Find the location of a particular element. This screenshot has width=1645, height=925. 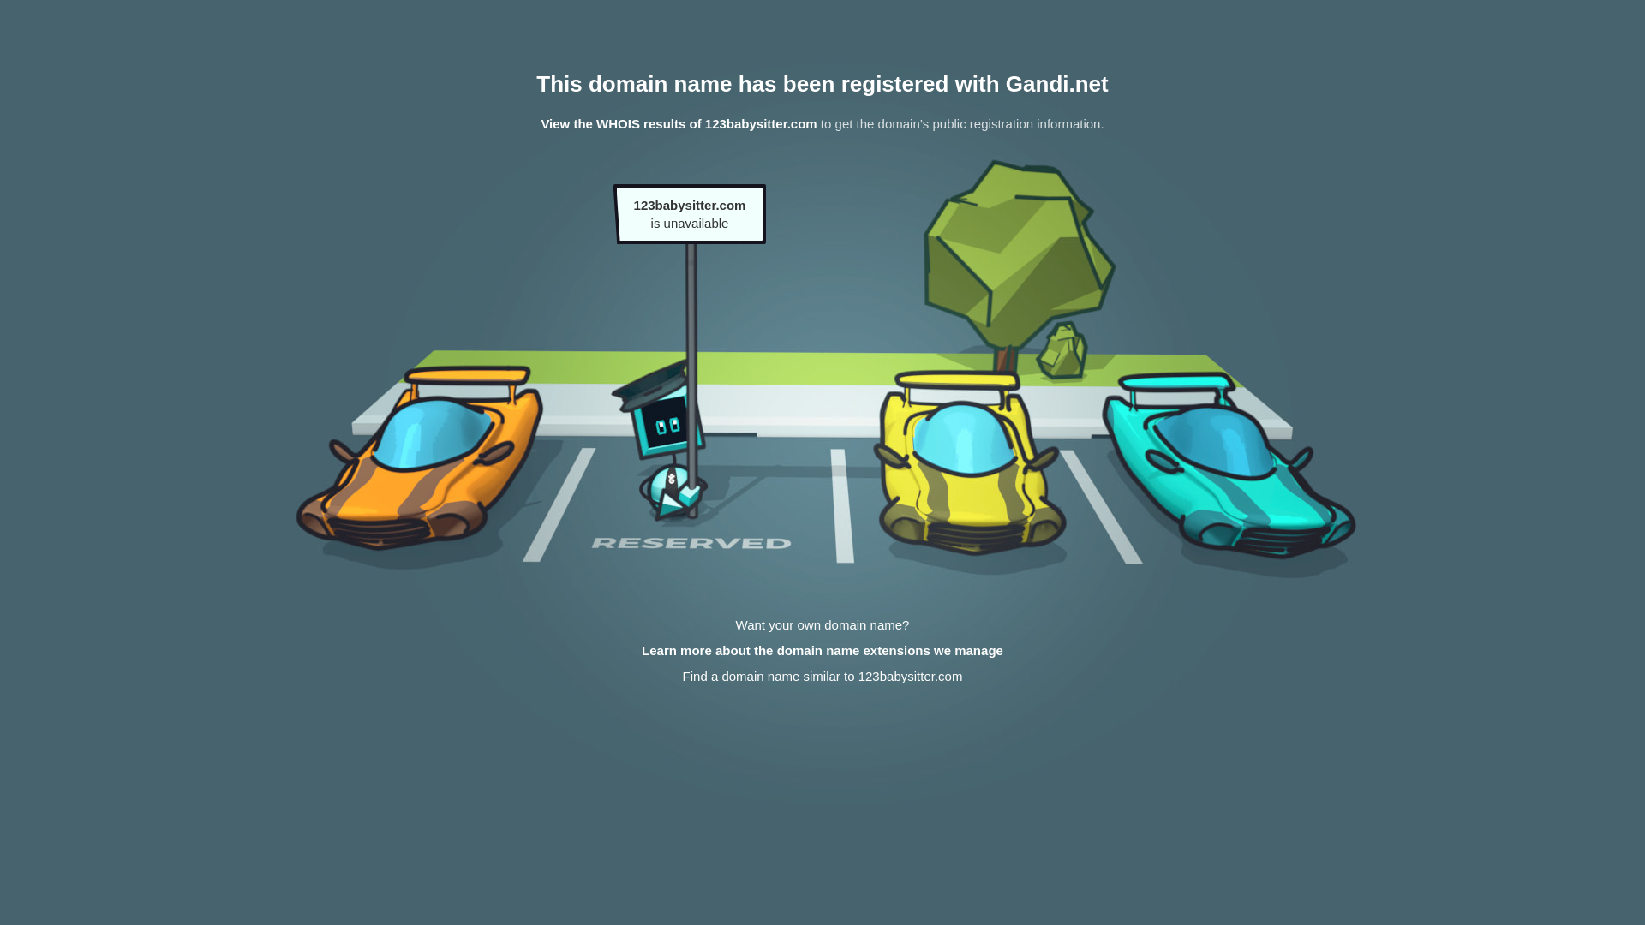

'View the WHOIS results of 123babysitter.com' is located at coordinates (539, 122).